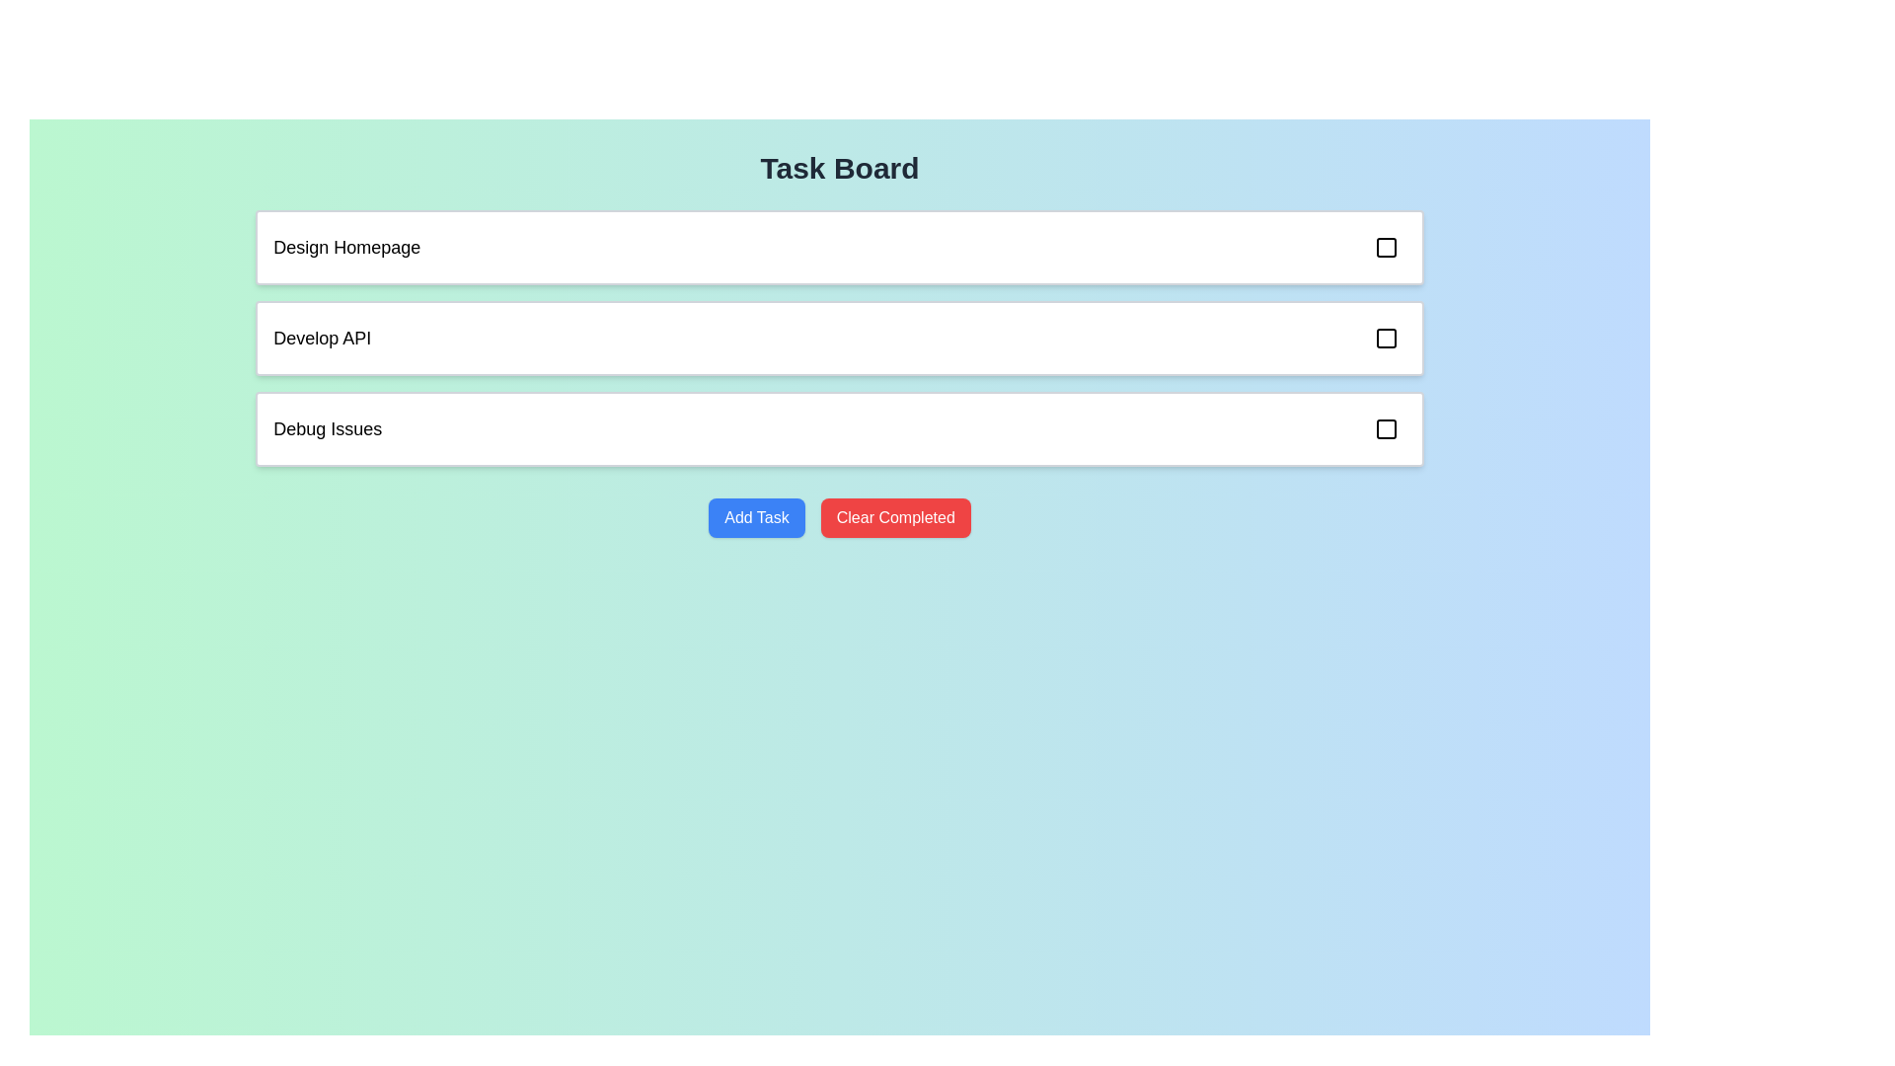 The image size is (1895, 1066). Describe the element at coordinates (755, 516) in the screenshot. I see `the 'Add Task' button to initiate the addition of a new task` at that location.